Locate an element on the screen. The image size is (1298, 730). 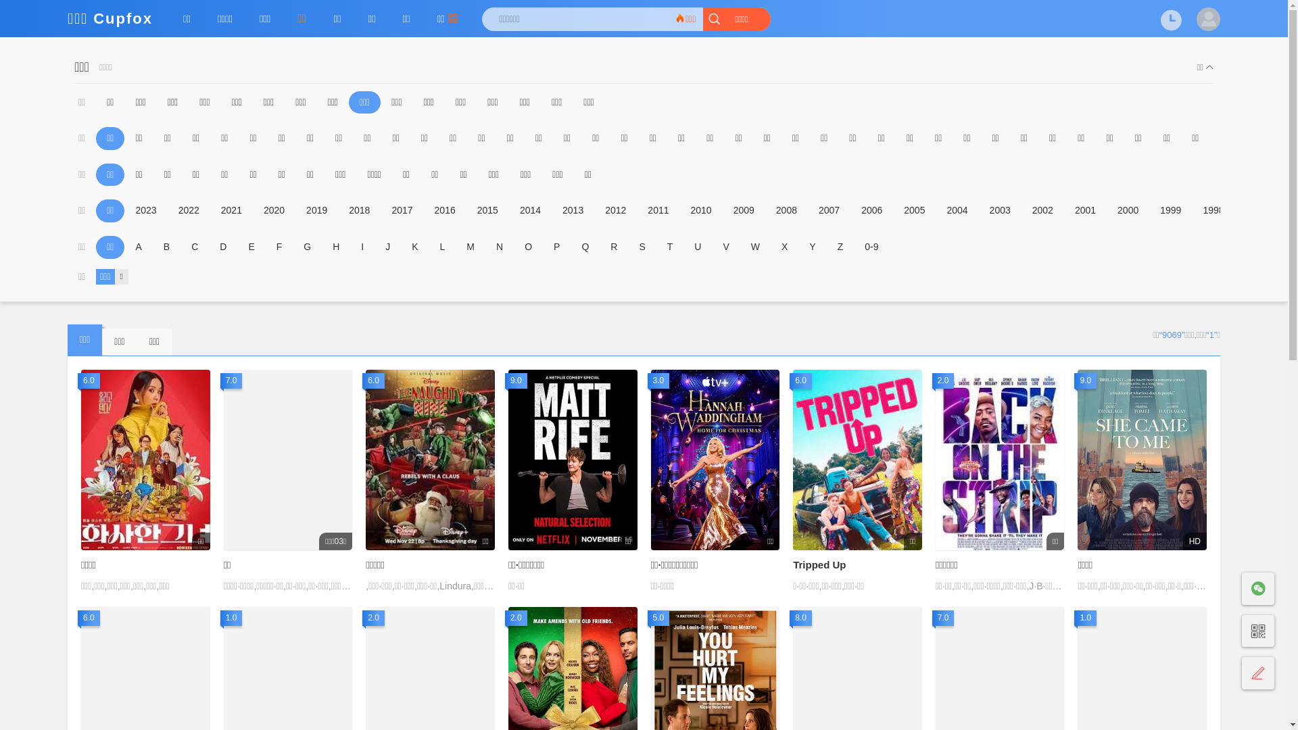
'2020' is located at coordinates (253, 211).